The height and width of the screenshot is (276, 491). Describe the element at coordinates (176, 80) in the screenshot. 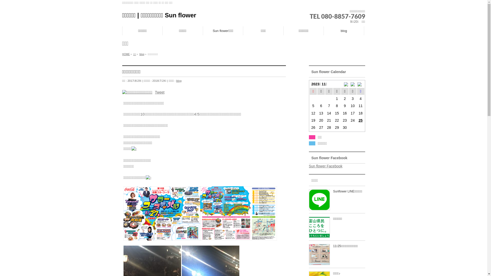

I see `'blog'` at that location.